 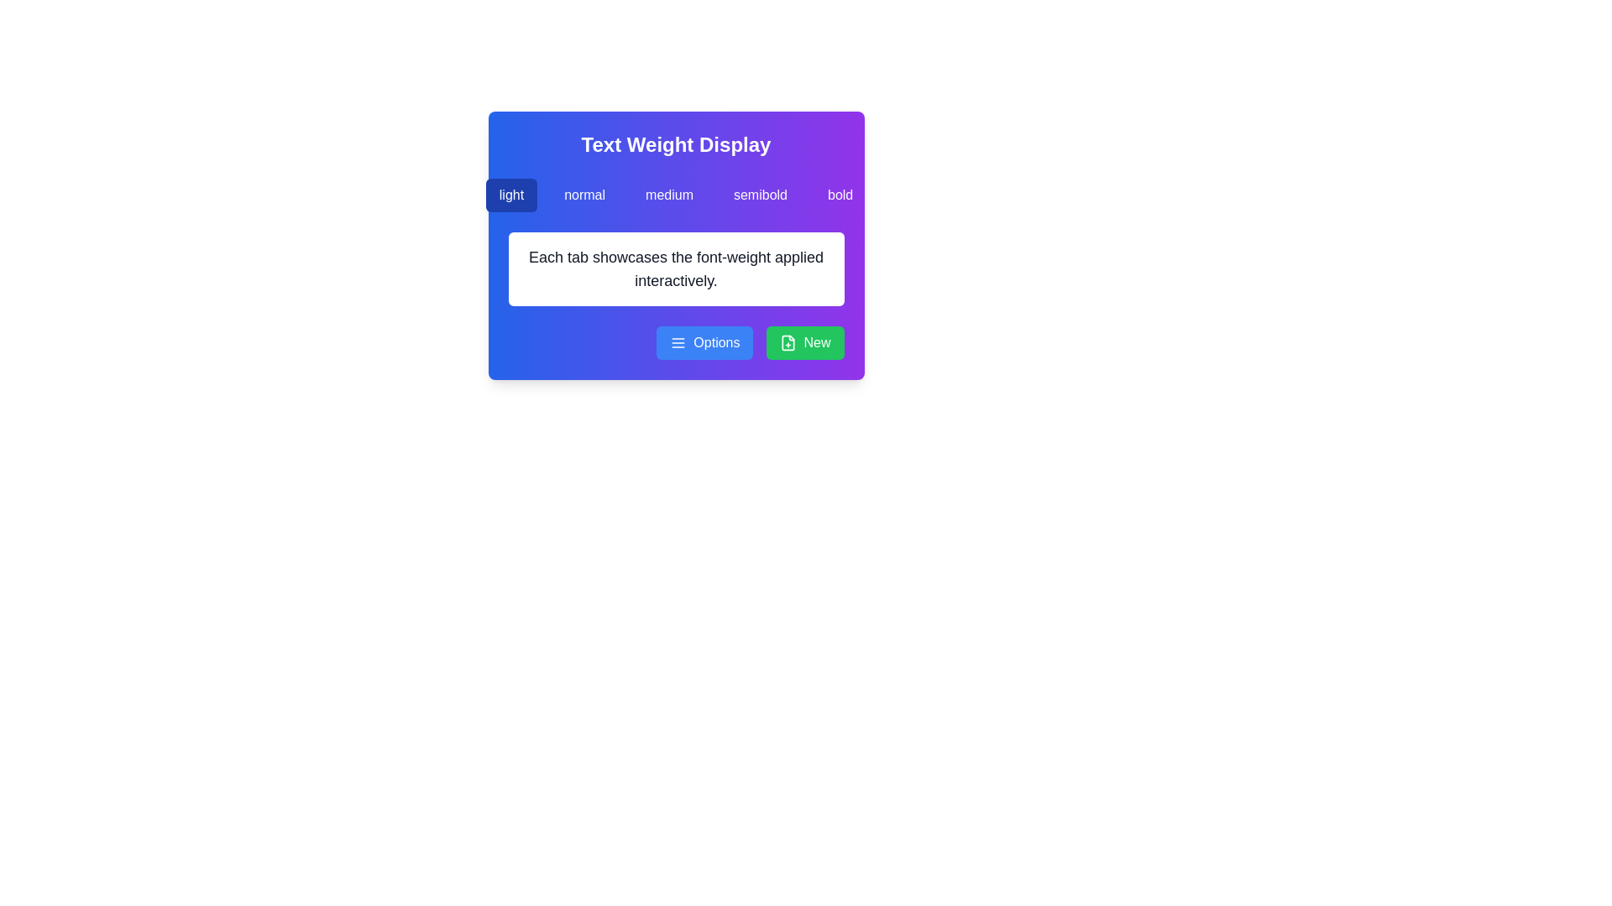 What do you see at coordinates (510, 194) in the screenshot?
I see `the 'light' button in the Text Weight Display section` at bounding box center [510, 194].